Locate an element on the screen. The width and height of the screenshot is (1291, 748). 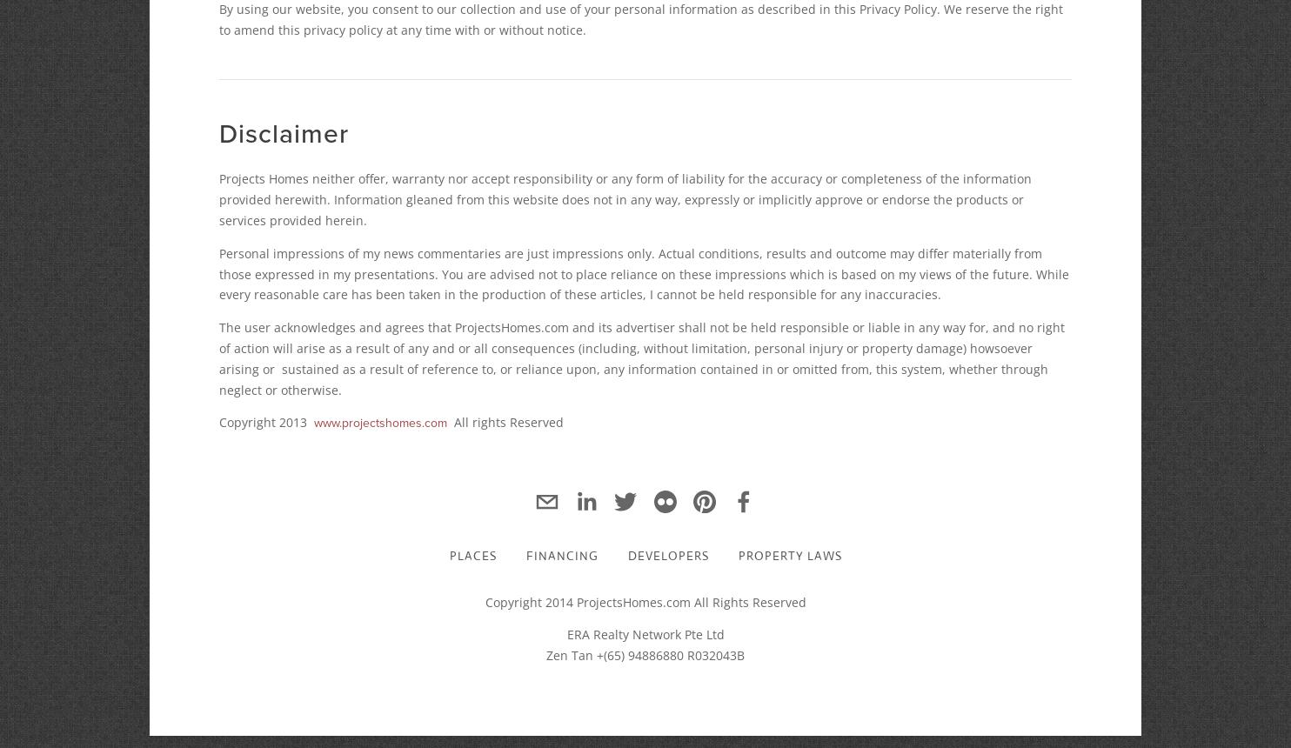
'Projects Homes neither offer, warranty nor accept responsibility or any form of liability for the accuracy or completeness of the information provided herewith. Information gleaned from this website does not in any way, expressly or implicitly approve or endorse the products or services provided herein.' is located at coordinates (626, 199).